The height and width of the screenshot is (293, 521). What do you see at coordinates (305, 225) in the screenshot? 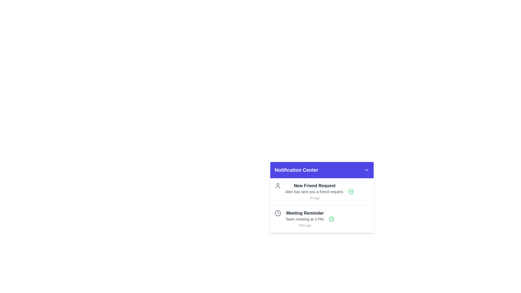
I see `text label '30m ago' located at the bottom-right of the 'Meeting Reminder' notification card in the 'Notification Center' interface for timestamp information` at bounding box center [305, 225].